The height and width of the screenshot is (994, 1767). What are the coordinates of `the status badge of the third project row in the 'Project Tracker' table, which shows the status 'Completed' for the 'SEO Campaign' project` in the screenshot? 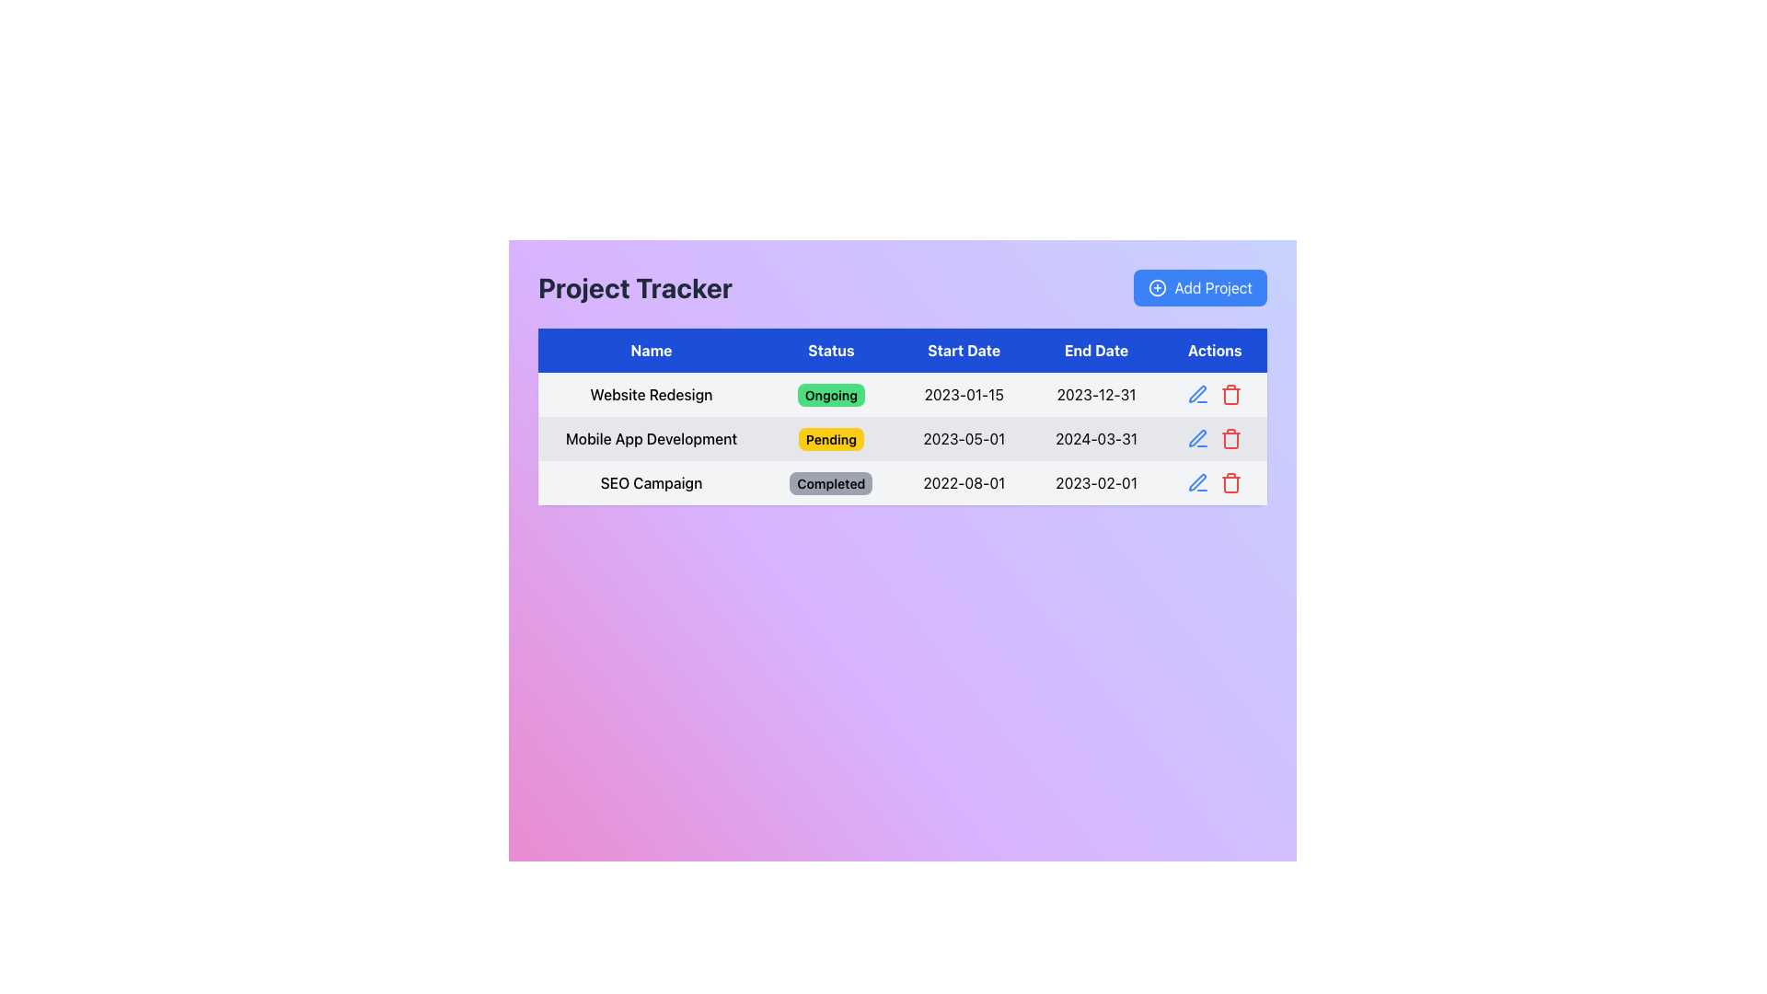 It's located at (902, 481).